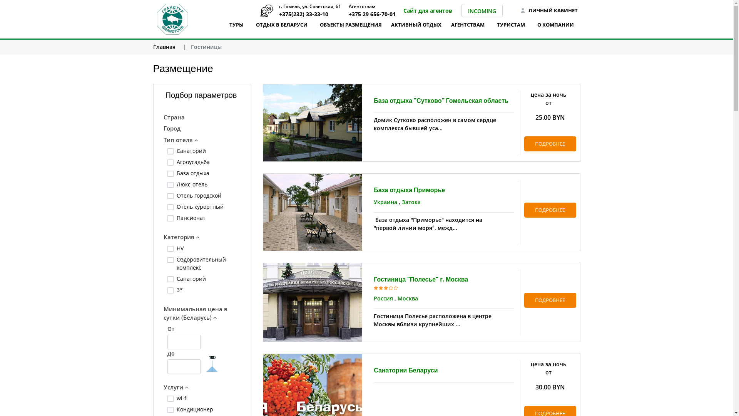 Image resolution: width=739 pixels, height=416 pixels. What do you see at coordinates (482, 11) in the screenshot?
I see `'INCOMING'` at bounding box center [482, 11].